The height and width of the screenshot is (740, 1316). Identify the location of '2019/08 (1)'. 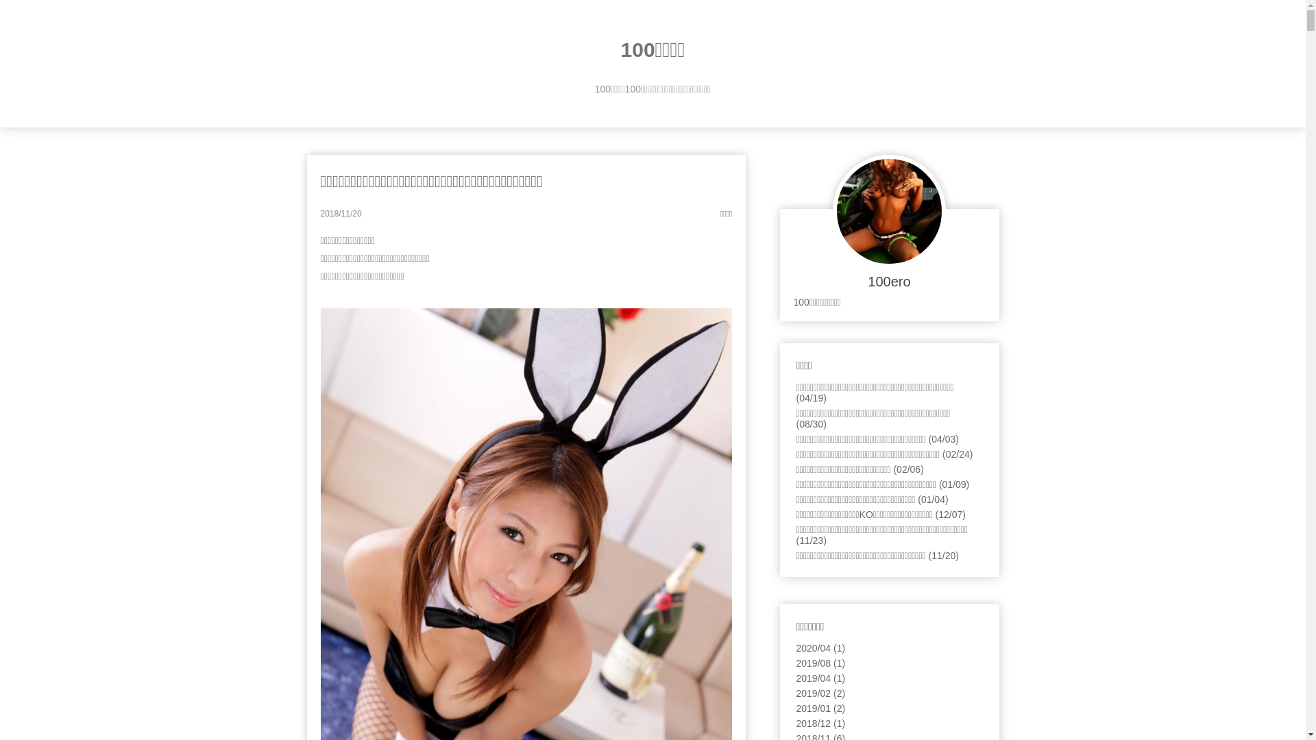
(821, 663).